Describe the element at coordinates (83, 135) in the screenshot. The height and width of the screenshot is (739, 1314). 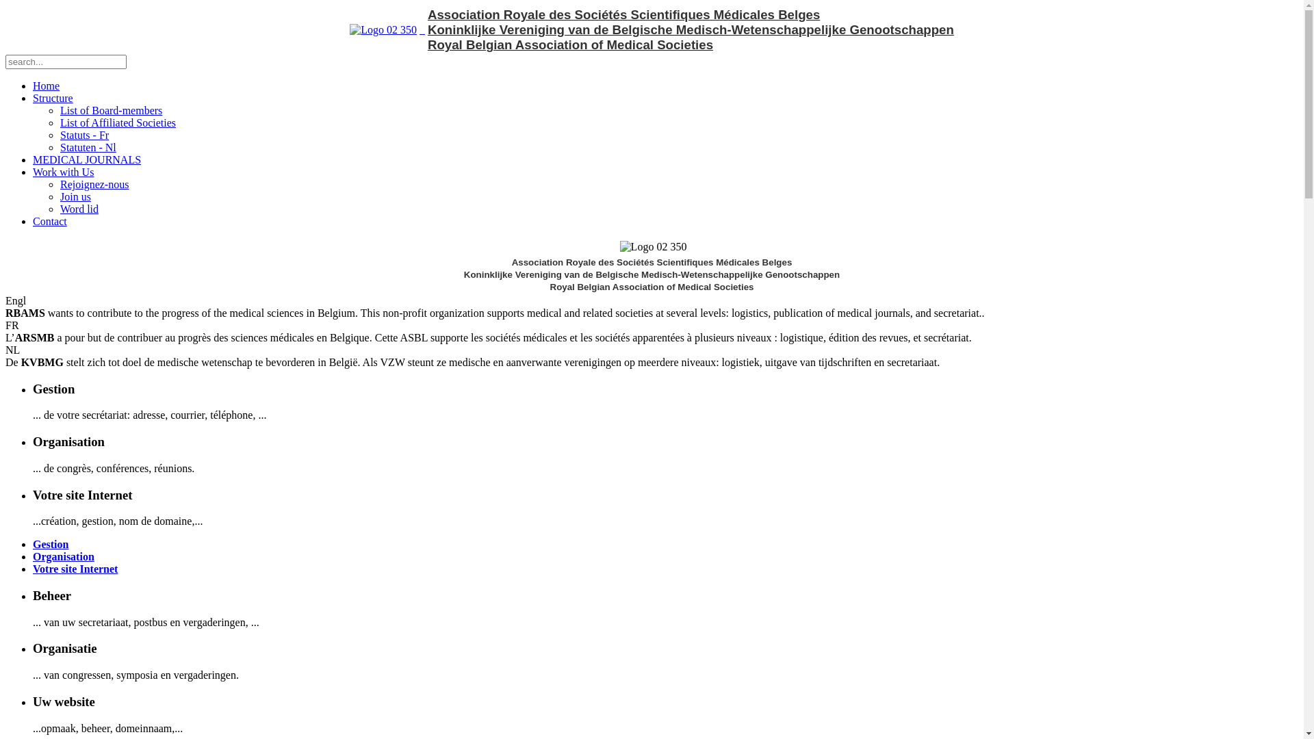
I see `'Statuts - Fr'` at that location.